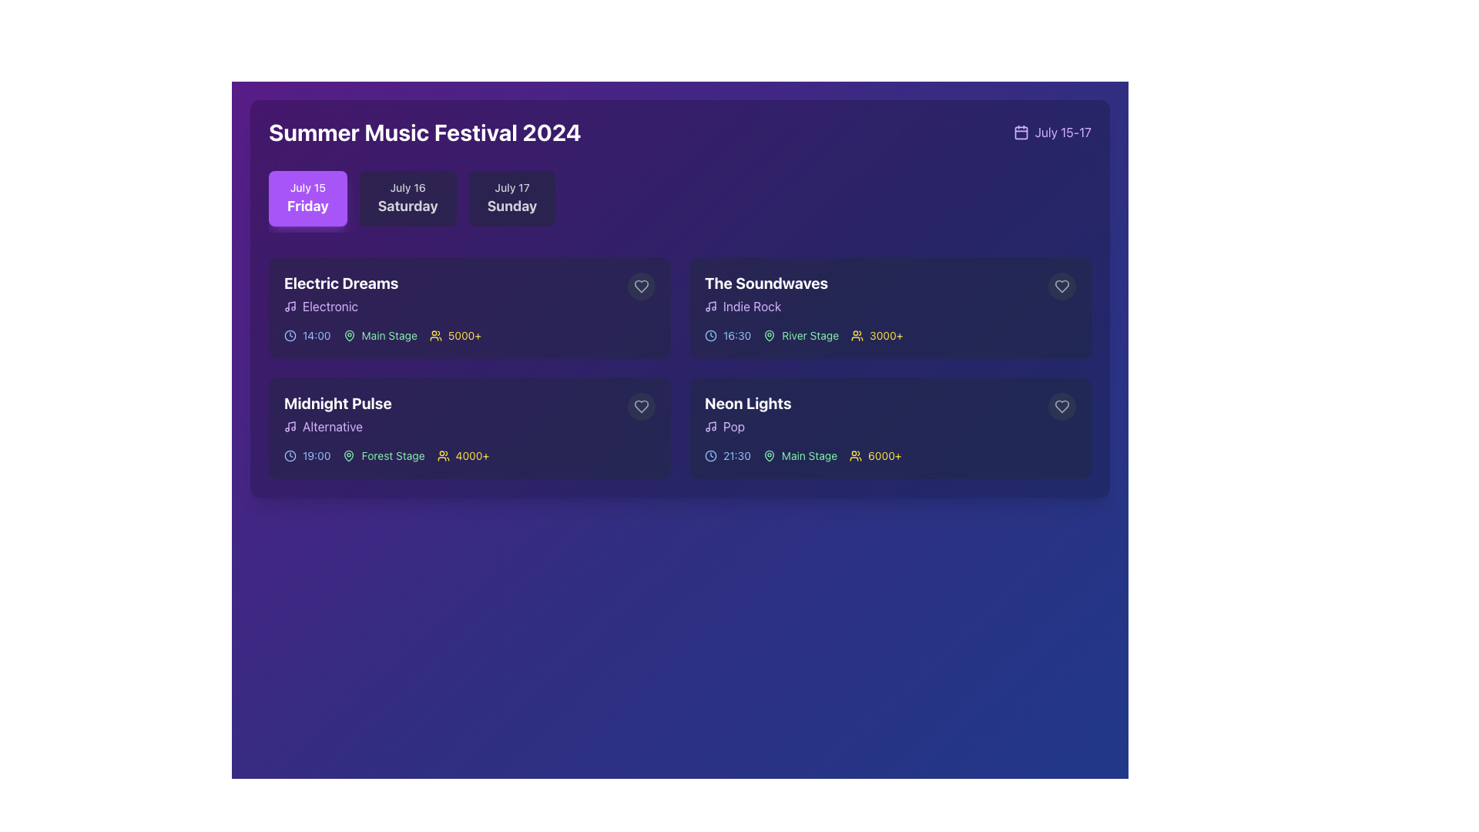  What do you see at coordinates (766, 283) in the screenshot?
I see `the title text element indicating a music band or performance, located in the right-most card of the second row above the subtitle 'Indie Rock'` at bounding box center [766, 283].